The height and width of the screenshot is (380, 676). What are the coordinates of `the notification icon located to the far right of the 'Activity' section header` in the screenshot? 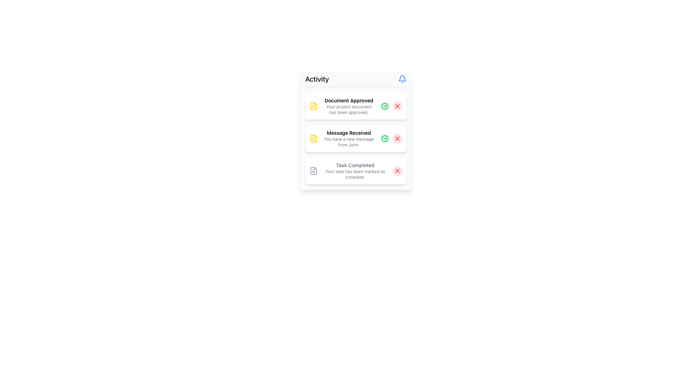 It's located at (402, 79).